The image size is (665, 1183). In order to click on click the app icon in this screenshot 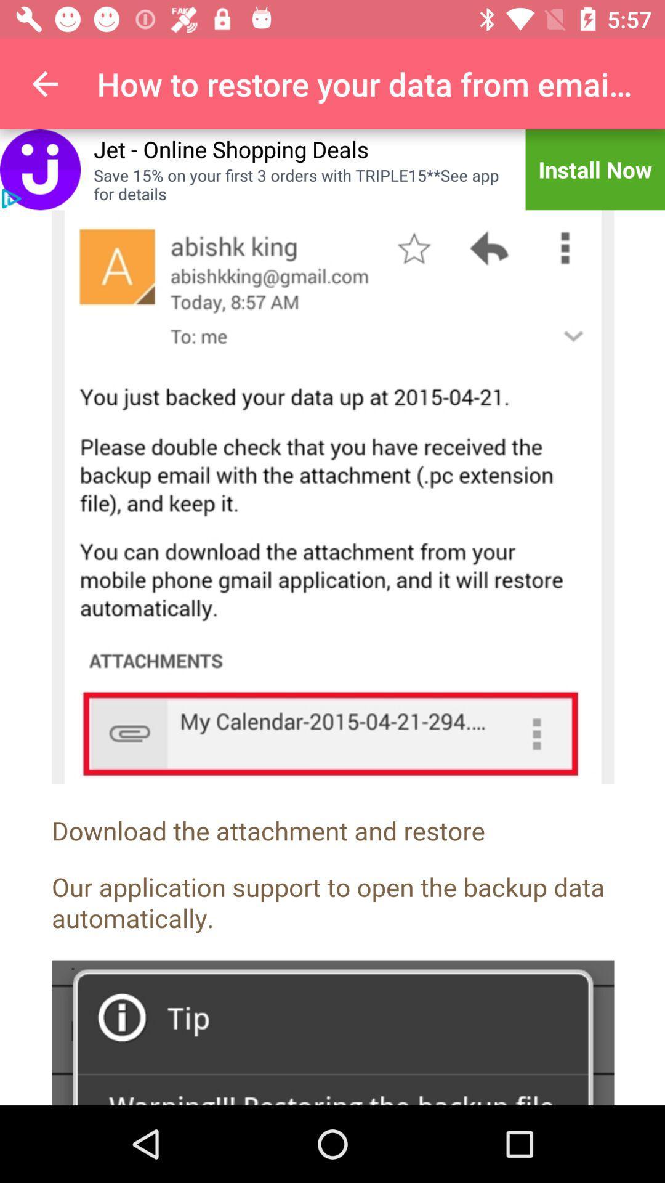, I will do `click(39, 169)`.